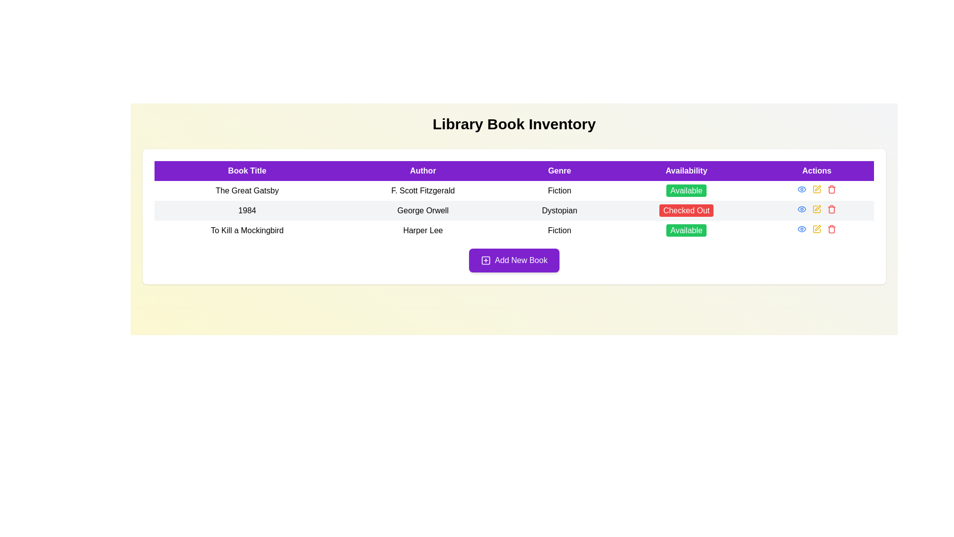  I want to click on the label indicating the current status of the book '1984' as 'Checked Out', which is located in the fourth cell of the second row of the table, so click(686, 210).